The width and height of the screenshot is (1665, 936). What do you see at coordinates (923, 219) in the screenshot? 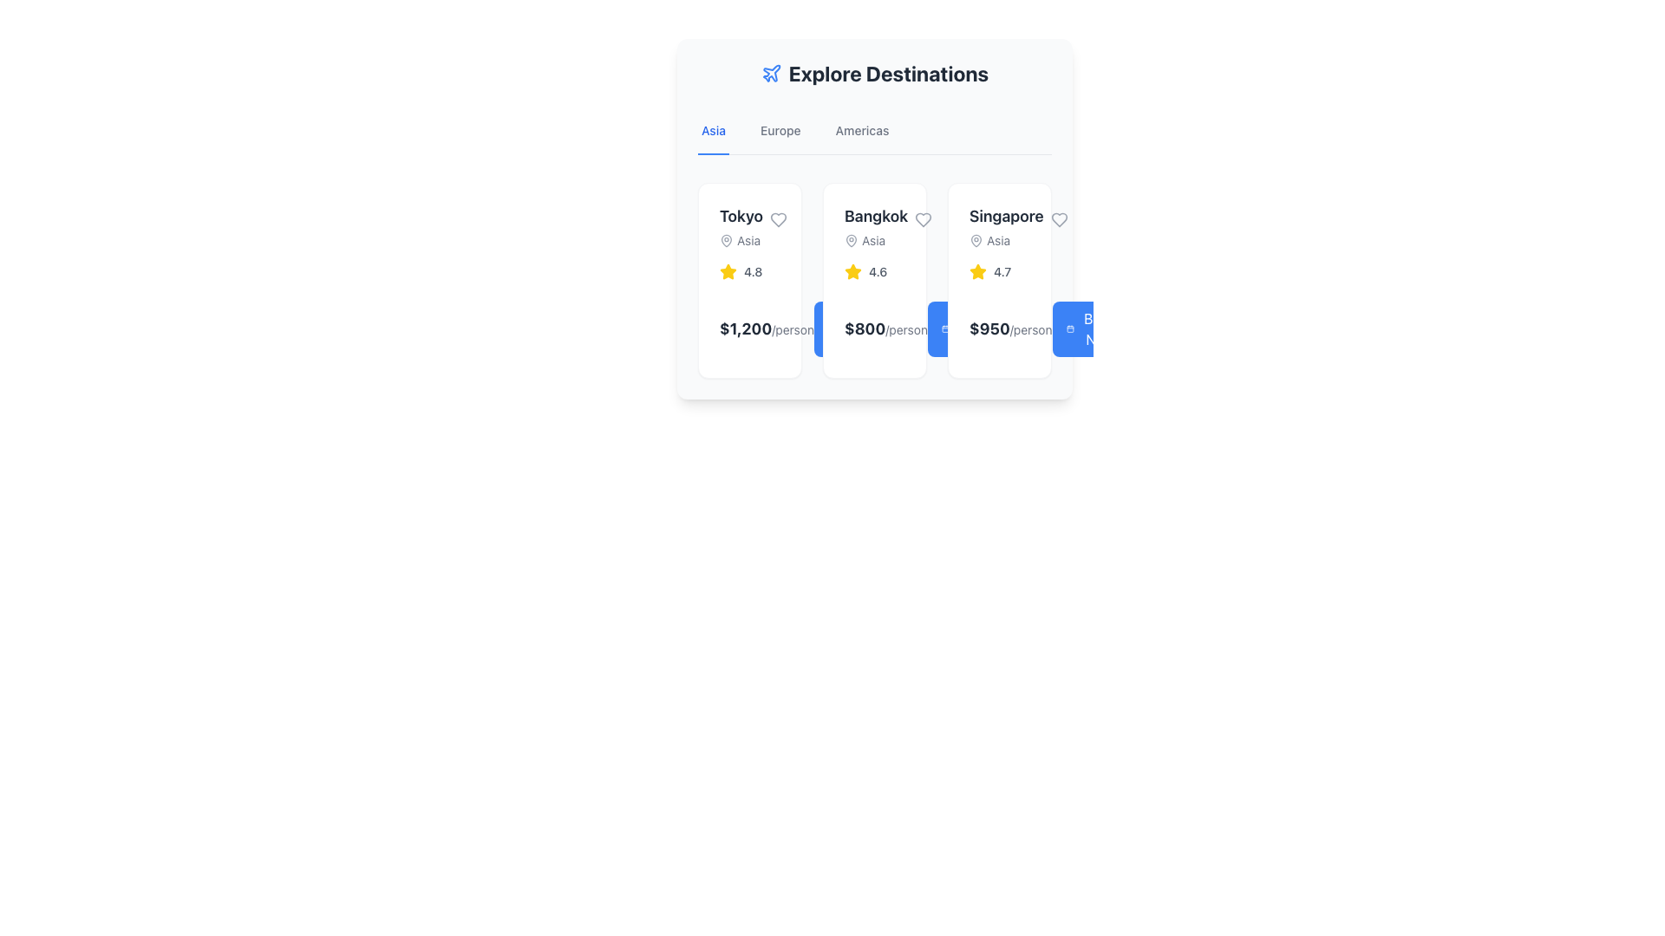
I see `the heart icon button located at the top-right corner of the 'Bangkok' card on the 'Explore Destinations' page to mark it as a favorite` at bounding box center [923, 219].